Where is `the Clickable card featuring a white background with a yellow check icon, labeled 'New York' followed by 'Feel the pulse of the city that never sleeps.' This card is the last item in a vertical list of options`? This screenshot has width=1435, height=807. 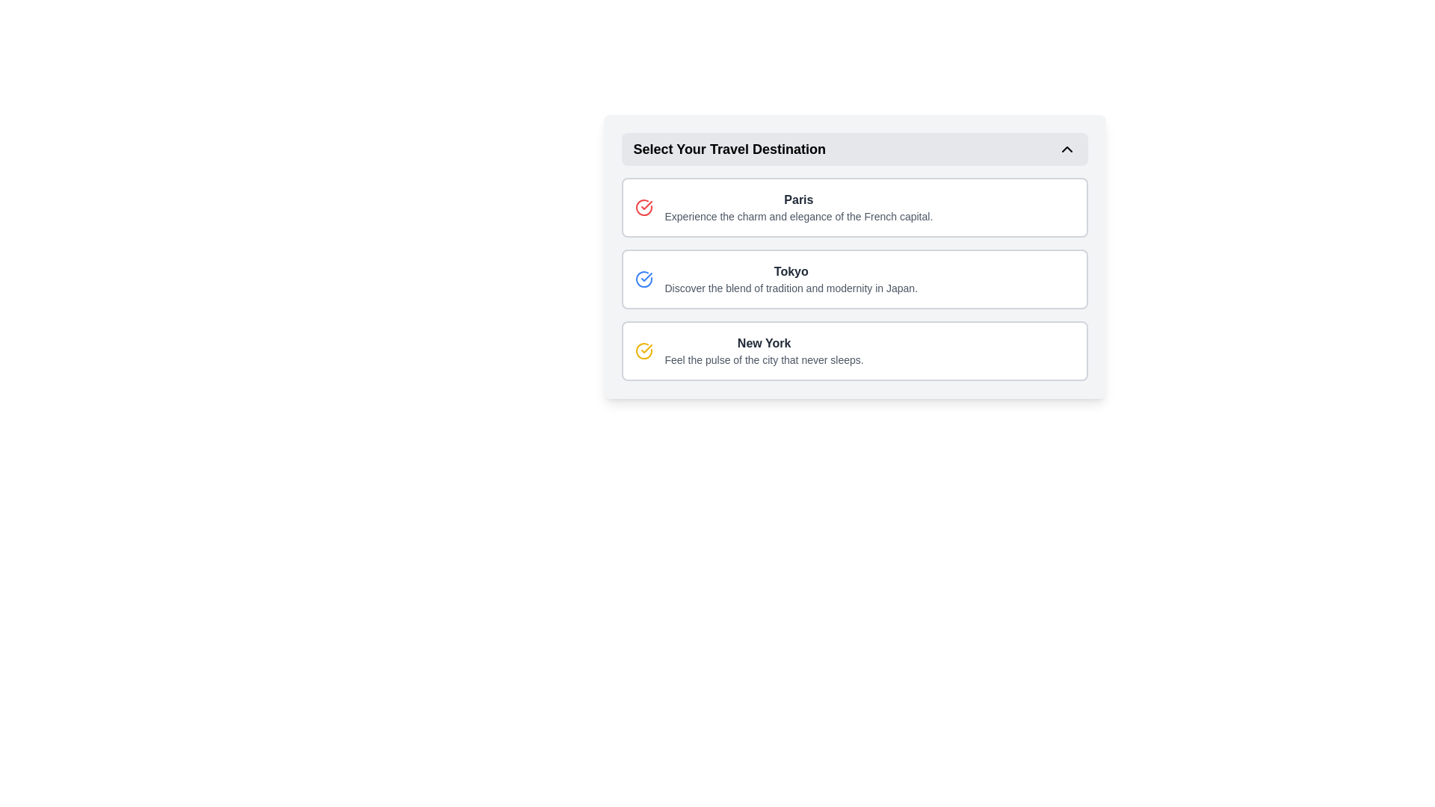
the Clickable card featuring a white background with a yellow check icon, labeled 'New York' followed by 'Feel the pulse of the city that never sleeps.' This card is the last item in a vertical list of options is located at coordinates (854, 351).